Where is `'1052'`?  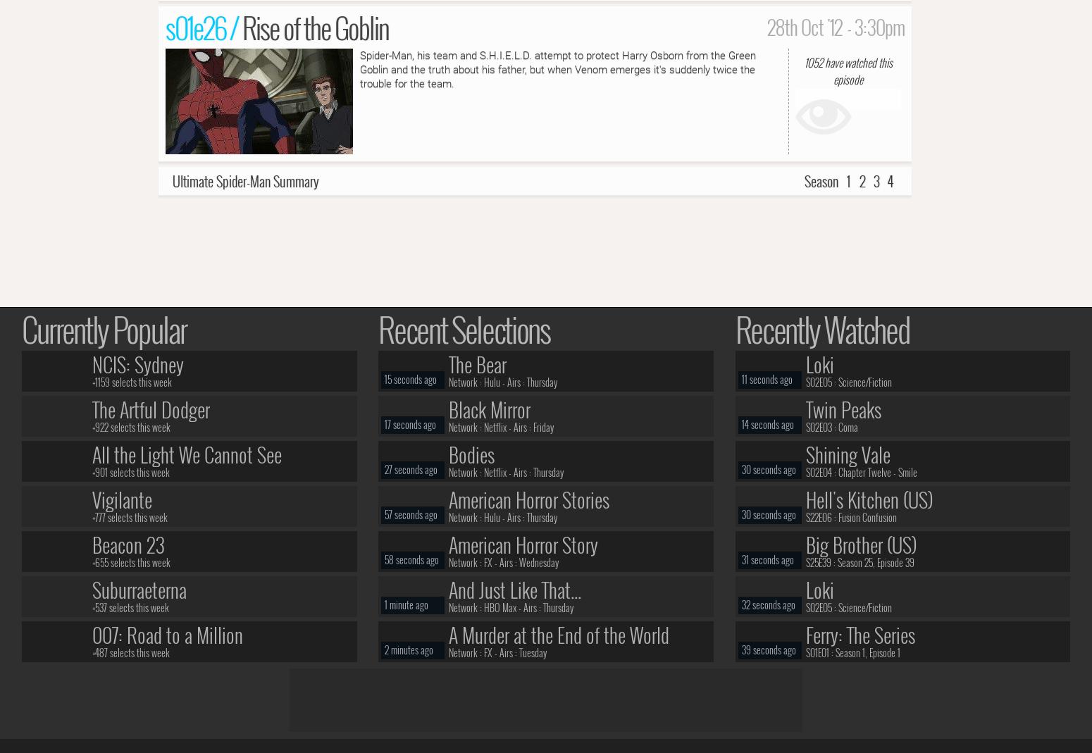 '1052' is located at coordinates (812, 61).